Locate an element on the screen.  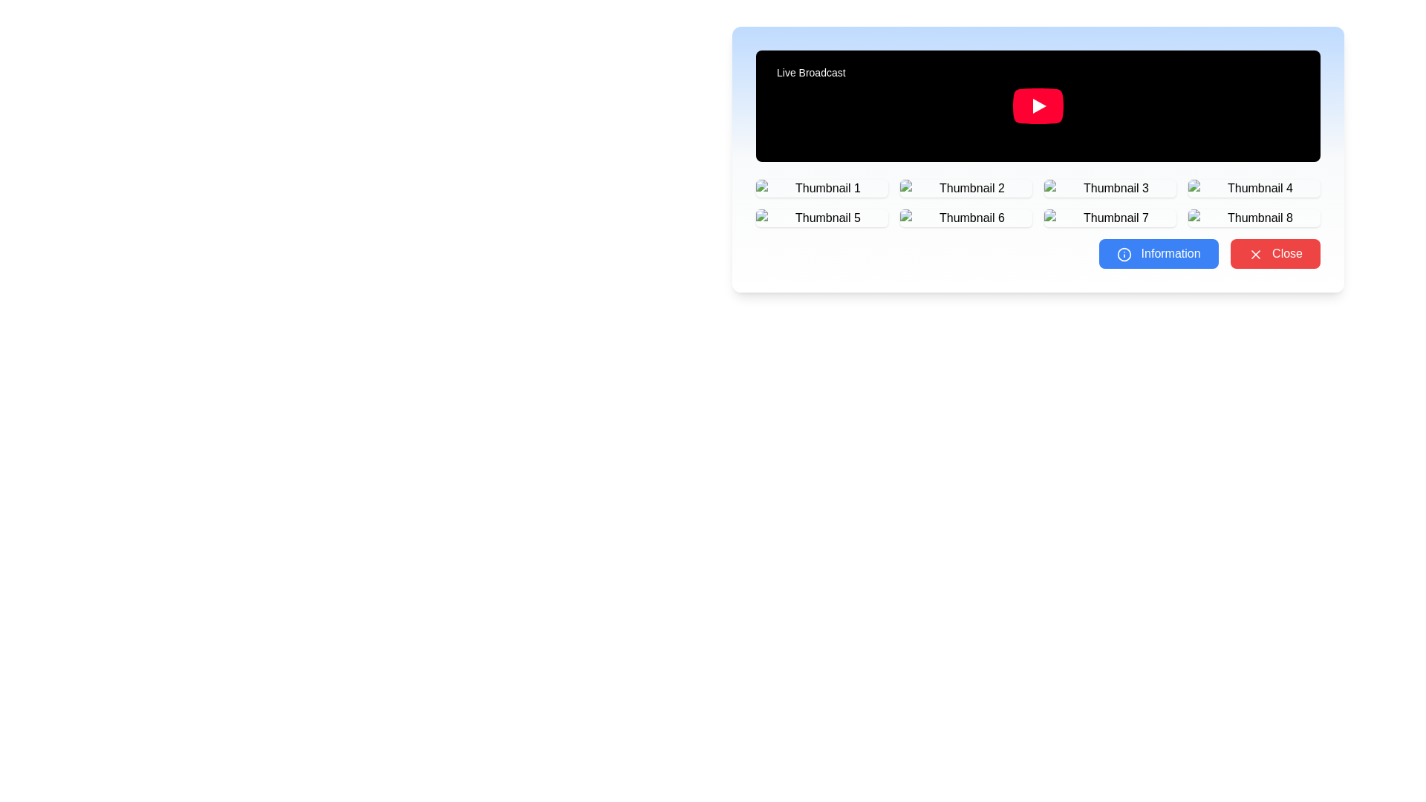
the circular icon border located is located at coordinates (1254, 218).